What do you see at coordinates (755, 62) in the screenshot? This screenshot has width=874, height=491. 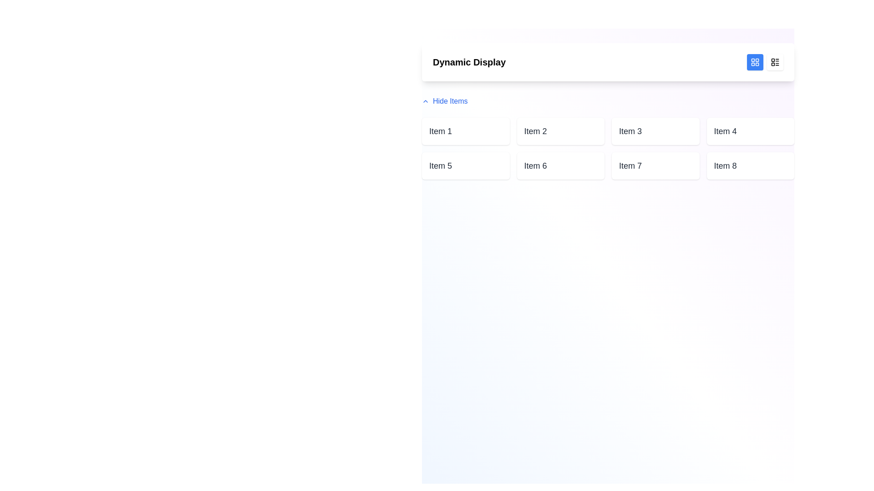 I see `the layout switcher button located on the rightmost side of the horizontal navigation bar at the top of the interface to switch to grid layout` at bounding box center [755, 62].